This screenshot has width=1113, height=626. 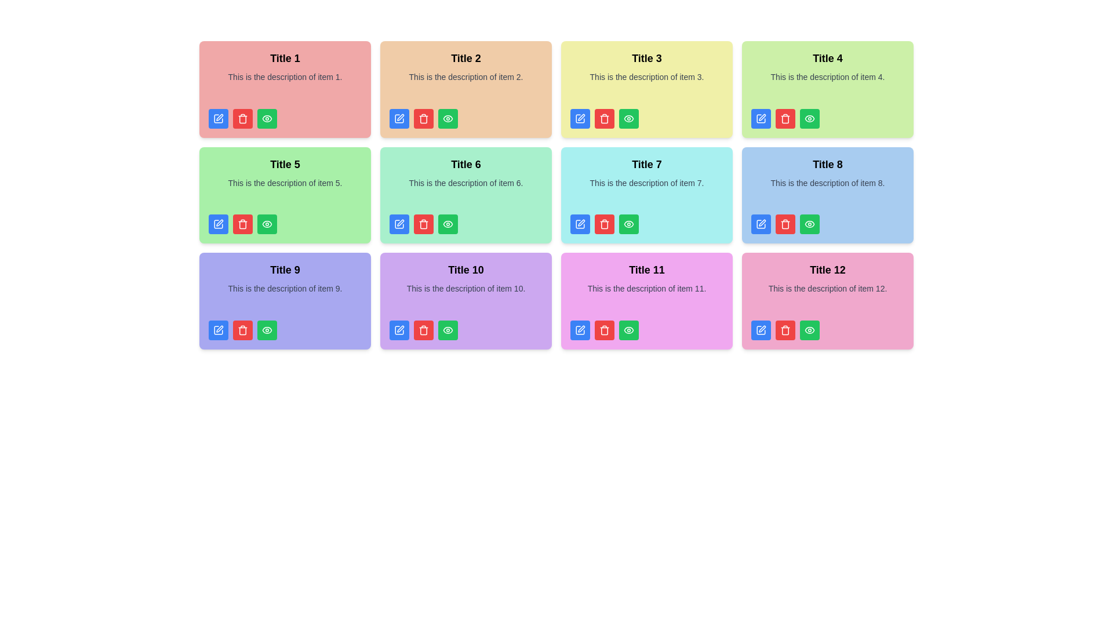 What do you see at coordinates (285, 297) in the screenshot?
I see `the descriptive text label for 'Title 9' located in the ninth card of the grid layout, positioned below the 'Title 9' heading and above the buttons` at bounding box center [285, 297].